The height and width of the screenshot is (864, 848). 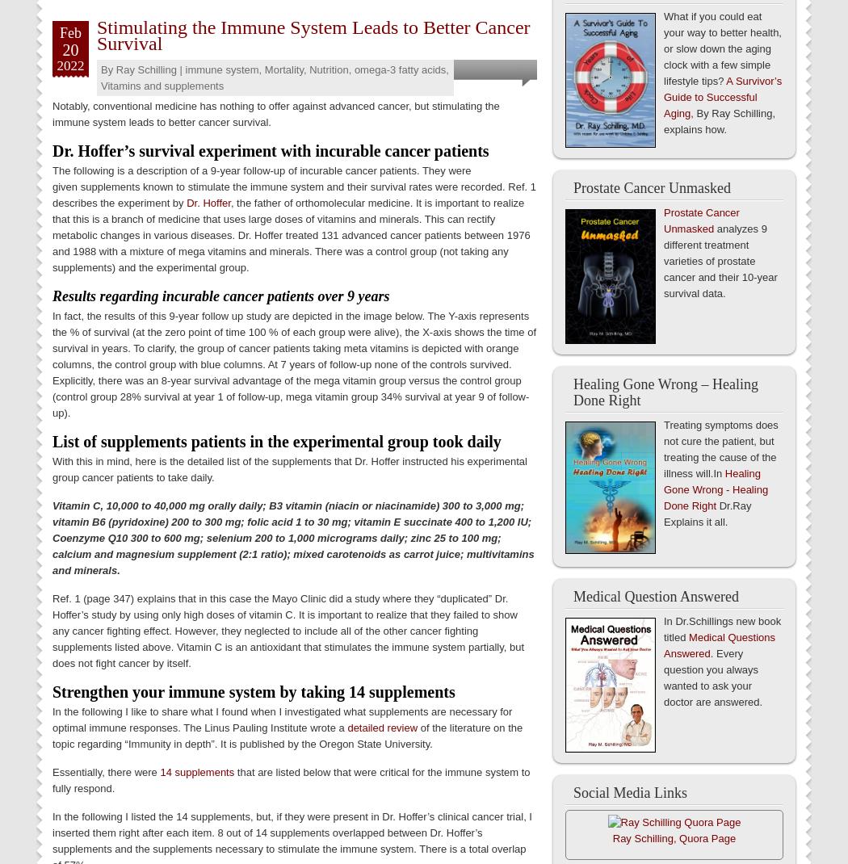 What do you see at coordinates (707, 514) in the screenshot?
I see `'Dr.Ray Explains it all.'` at bounding box center [707, 514].